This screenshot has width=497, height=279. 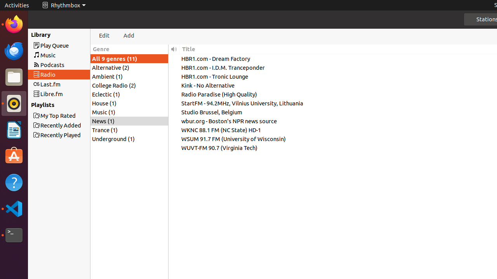 I want to click on 'Recently Added', so click(x=73, y=125).